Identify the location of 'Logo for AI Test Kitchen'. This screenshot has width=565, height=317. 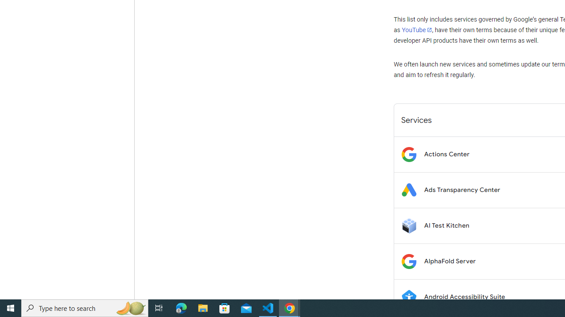
(408, 225).